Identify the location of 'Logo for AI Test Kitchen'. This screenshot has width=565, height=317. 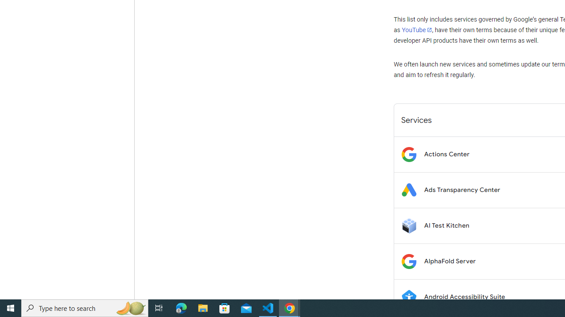
(408, 225).